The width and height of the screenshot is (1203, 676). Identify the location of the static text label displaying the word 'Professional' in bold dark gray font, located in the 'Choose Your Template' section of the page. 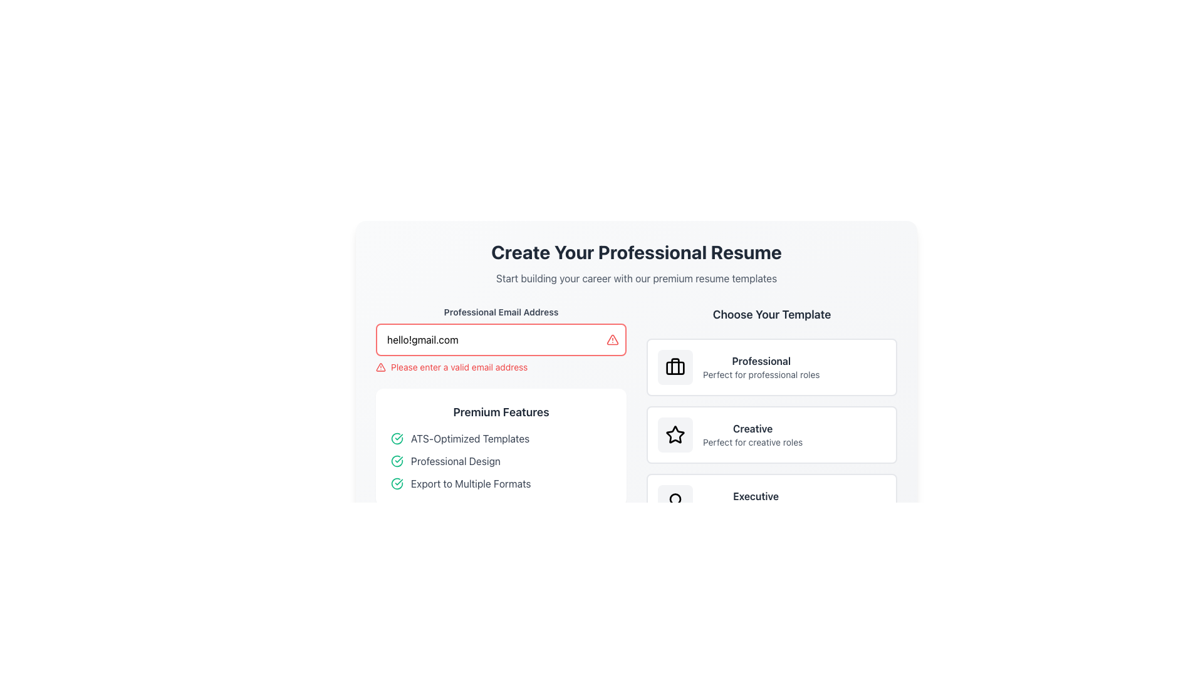
(761, 361).